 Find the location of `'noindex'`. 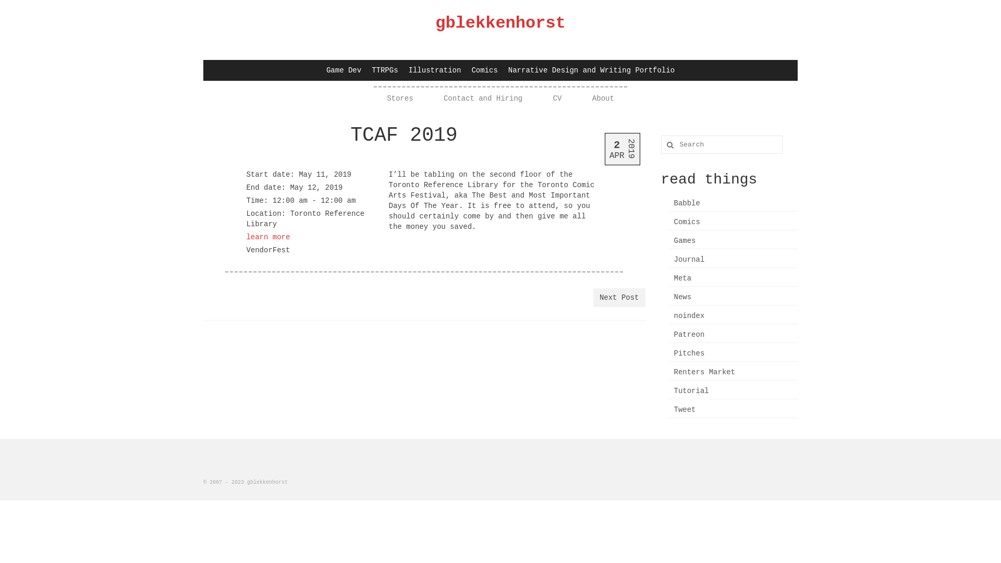

'noindex' is located at coordinates (733, 315).